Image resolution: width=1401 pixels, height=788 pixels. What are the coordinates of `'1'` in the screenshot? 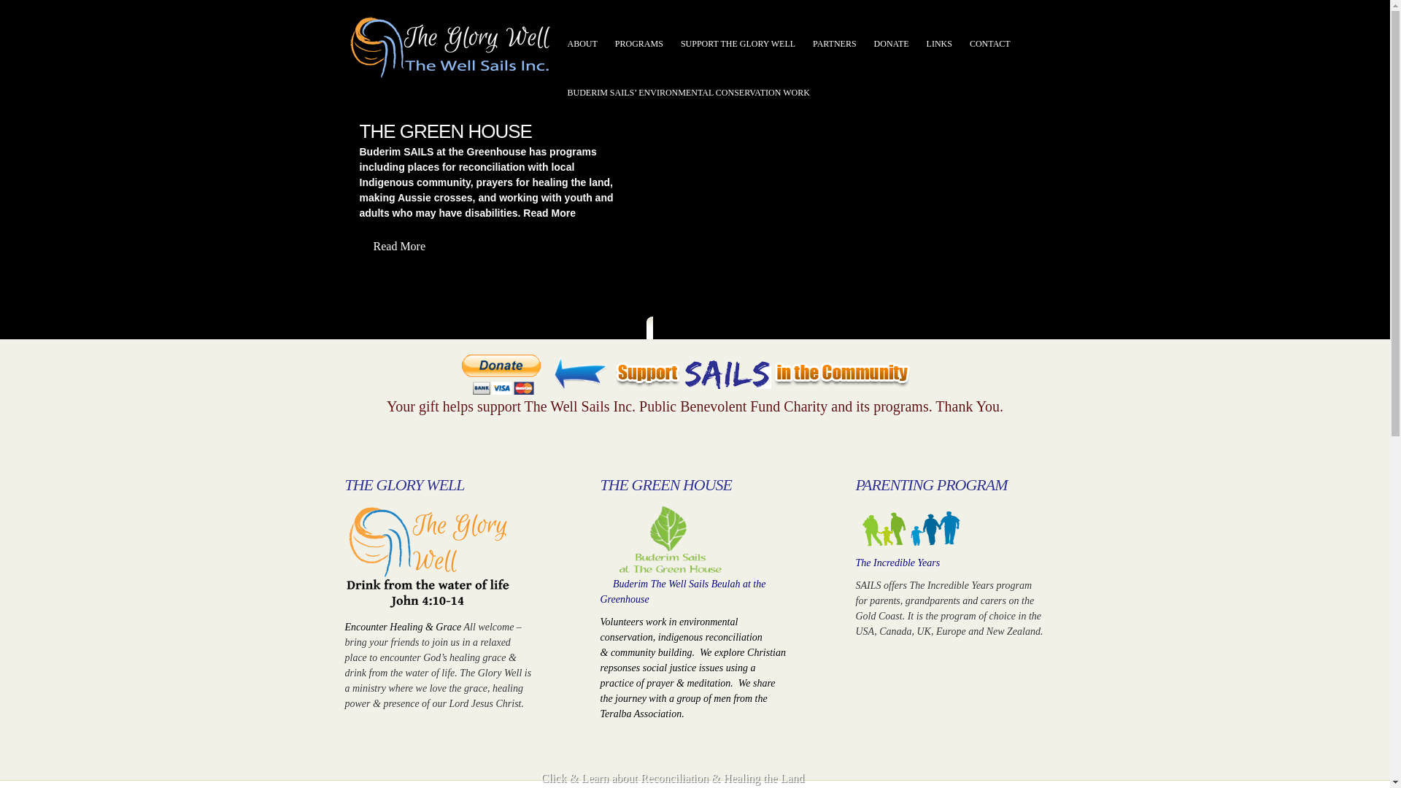 It's located at (663, 330).